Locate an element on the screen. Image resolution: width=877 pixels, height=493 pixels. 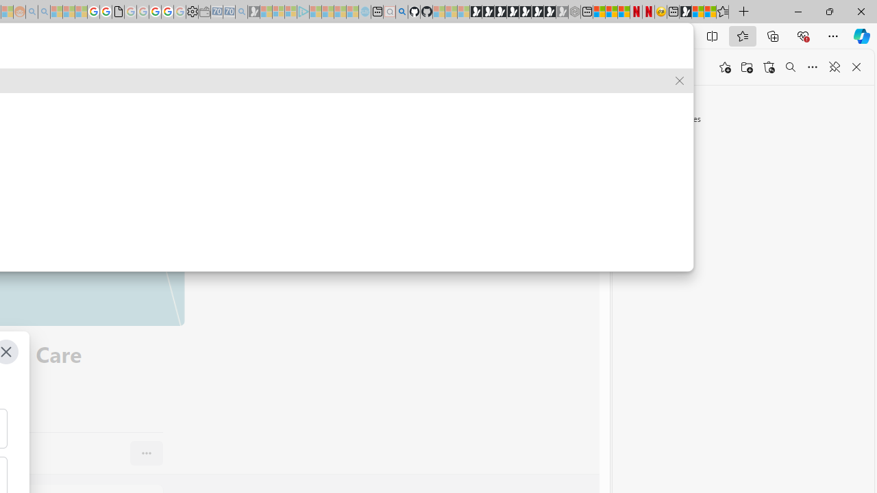
'Microsoft Start Gaming - Sleeping' is located at coordinates (254, 12).